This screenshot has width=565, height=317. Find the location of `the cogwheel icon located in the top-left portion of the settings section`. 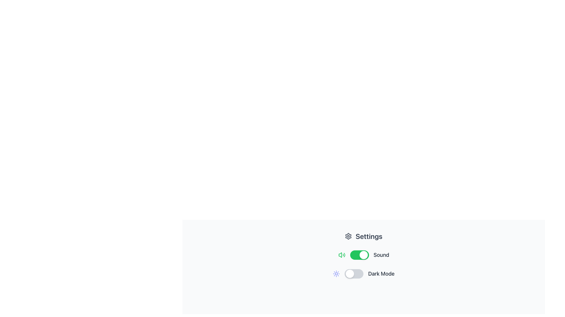

the cogwheel icon located in the top-left portion of the settings section is located at coordinates (348, 236).